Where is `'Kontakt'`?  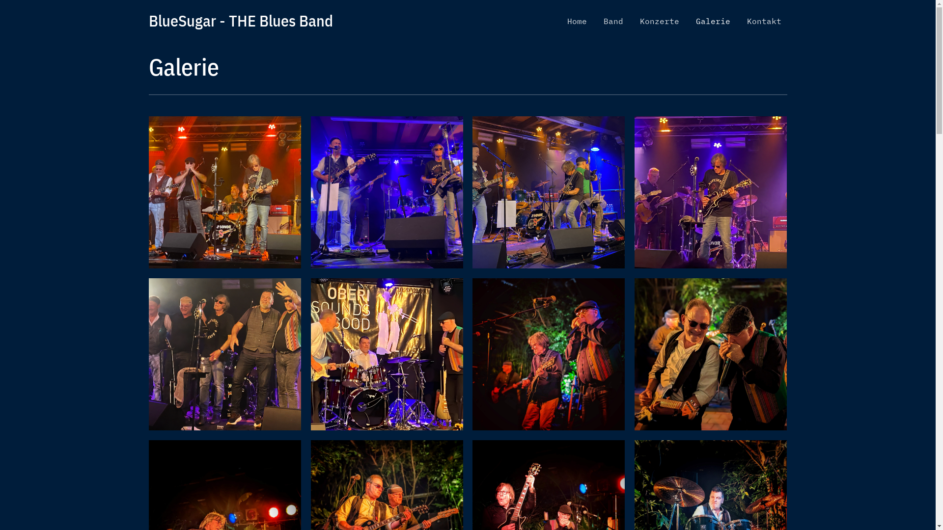 'Kontakt' is located at coordinates (740, 21).